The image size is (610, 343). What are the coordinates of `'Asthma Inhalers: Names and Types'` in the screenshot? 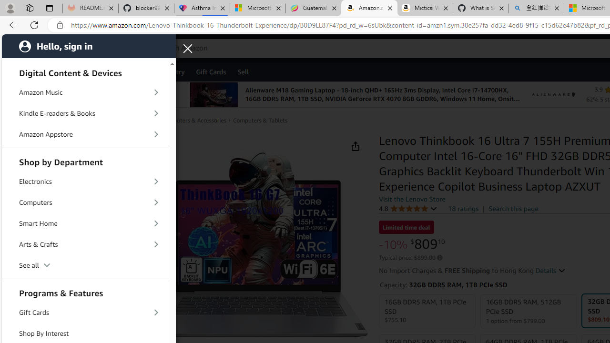 It's located at (202, 8).